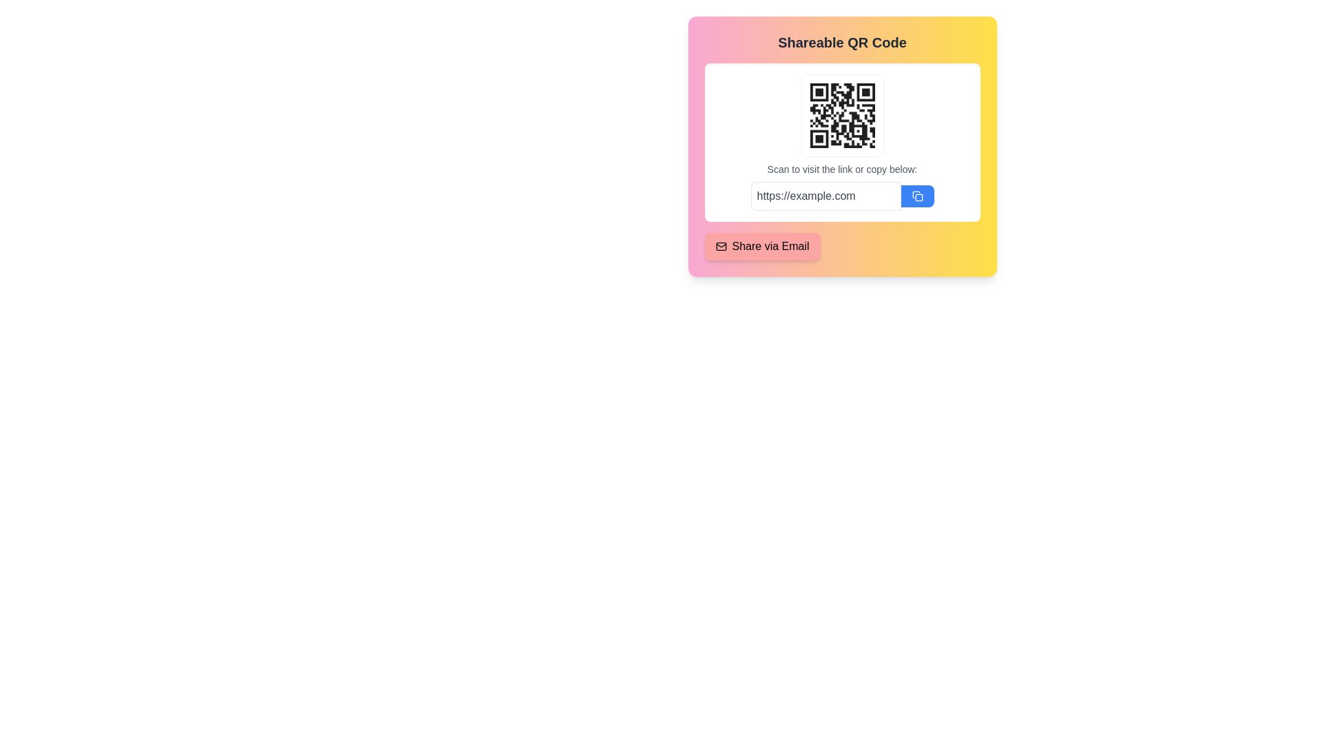  What do you see at coordinates (841, 169) in the screenshot?
I see `the instructional static display text that guides users on how to utilize the QR code or the link provided below, positioned below the QR code and above the URL input field` at bounding box center [841, 169].